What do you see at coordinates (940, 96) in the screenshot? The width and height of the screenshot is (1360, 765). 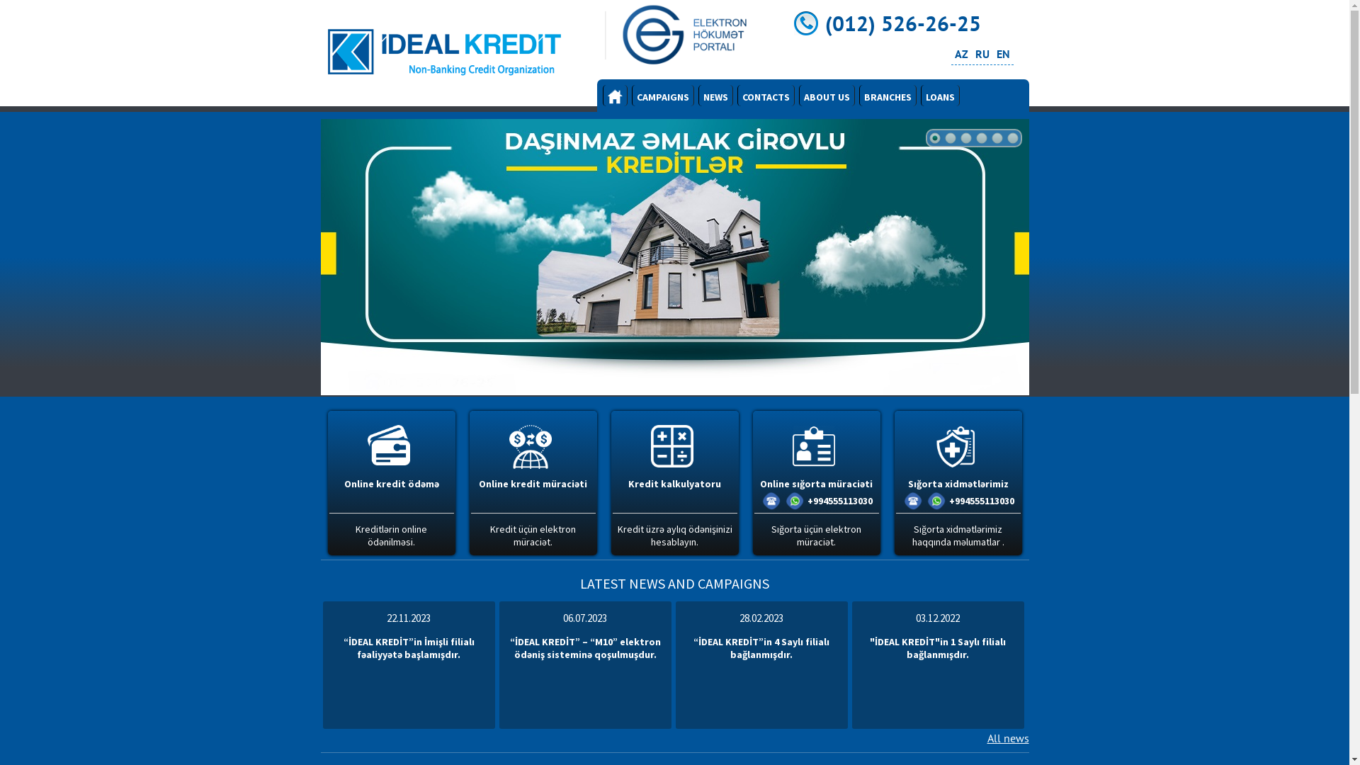 I see `'LOANS'` at bounding box center [940, 96].